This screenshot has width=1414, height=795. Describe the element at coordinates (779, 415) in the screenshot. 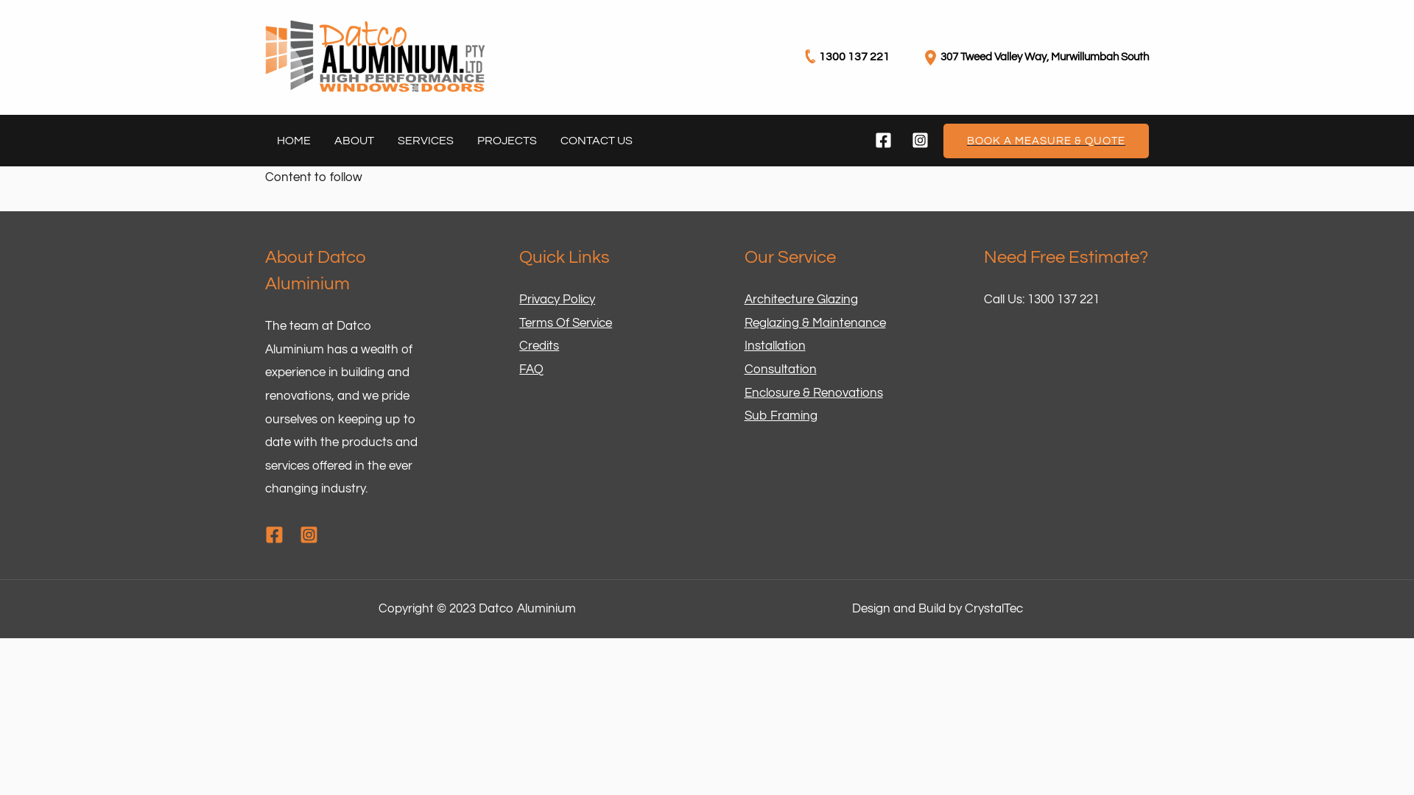

I see `'Sub Framing'` at that location.